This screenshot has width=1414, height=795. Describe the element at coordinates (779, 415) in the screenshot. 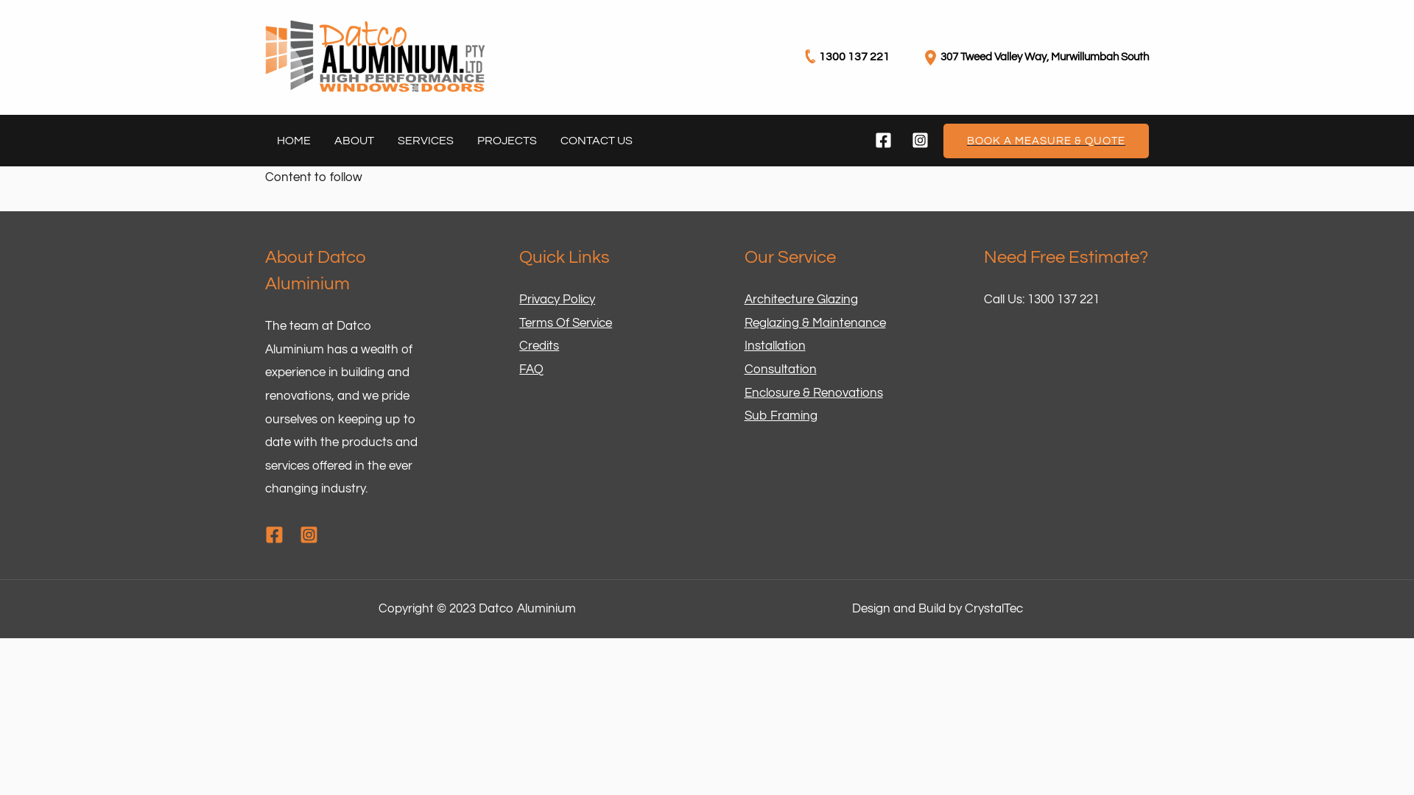

I see `'Sub Framing'` at that location.